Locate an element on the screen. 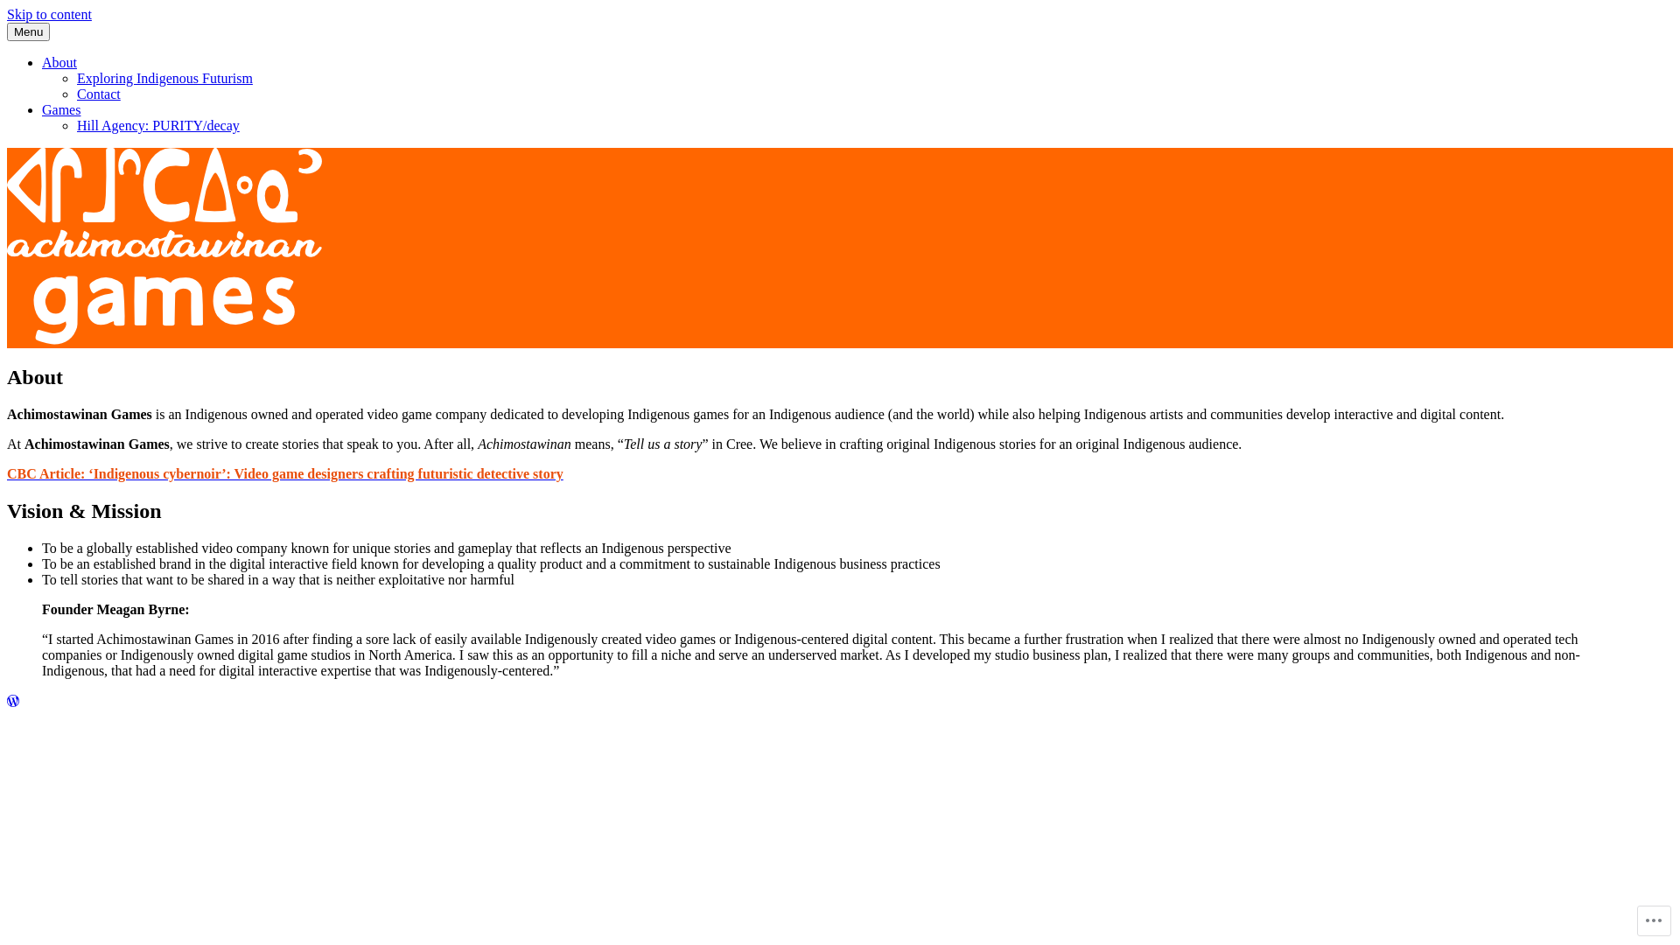 This screenshot has width=1680, height=945. 'Menu' is located at coordinates (7, 31).